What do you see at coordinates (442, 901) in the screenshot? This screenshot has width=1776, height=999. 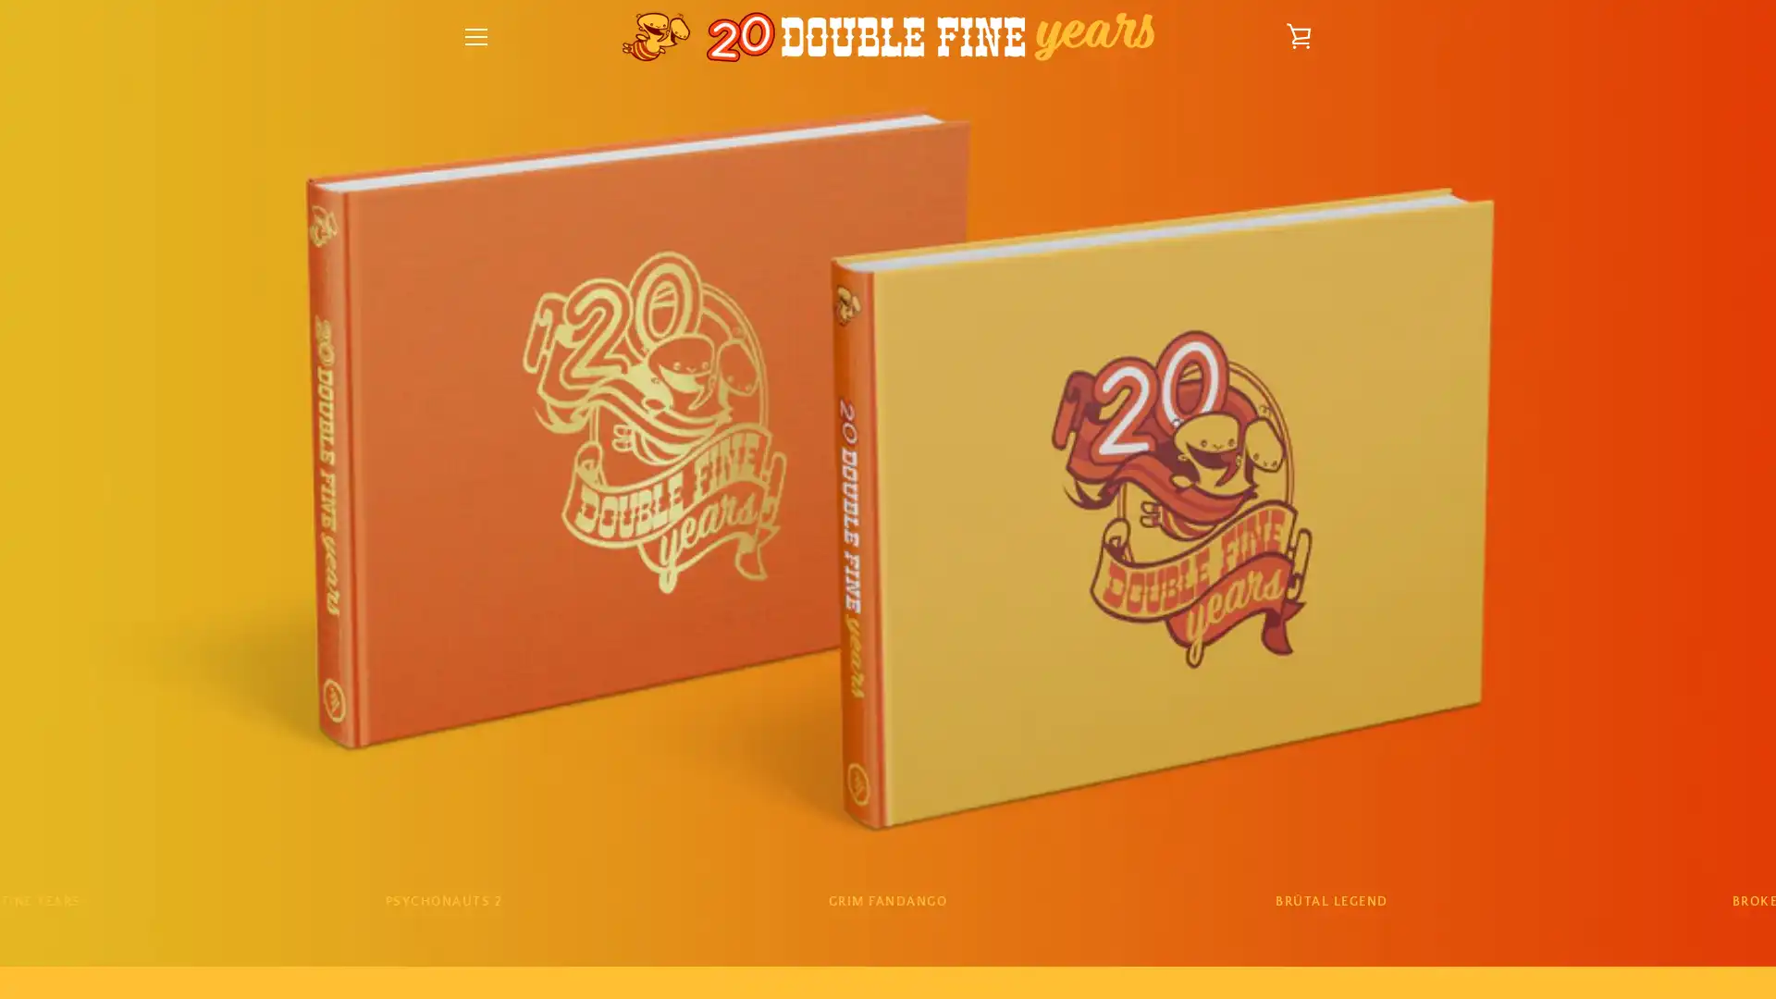 I see `SLIDE 2 PSYCHONAUTS 2` at bounding box center [442, 901].